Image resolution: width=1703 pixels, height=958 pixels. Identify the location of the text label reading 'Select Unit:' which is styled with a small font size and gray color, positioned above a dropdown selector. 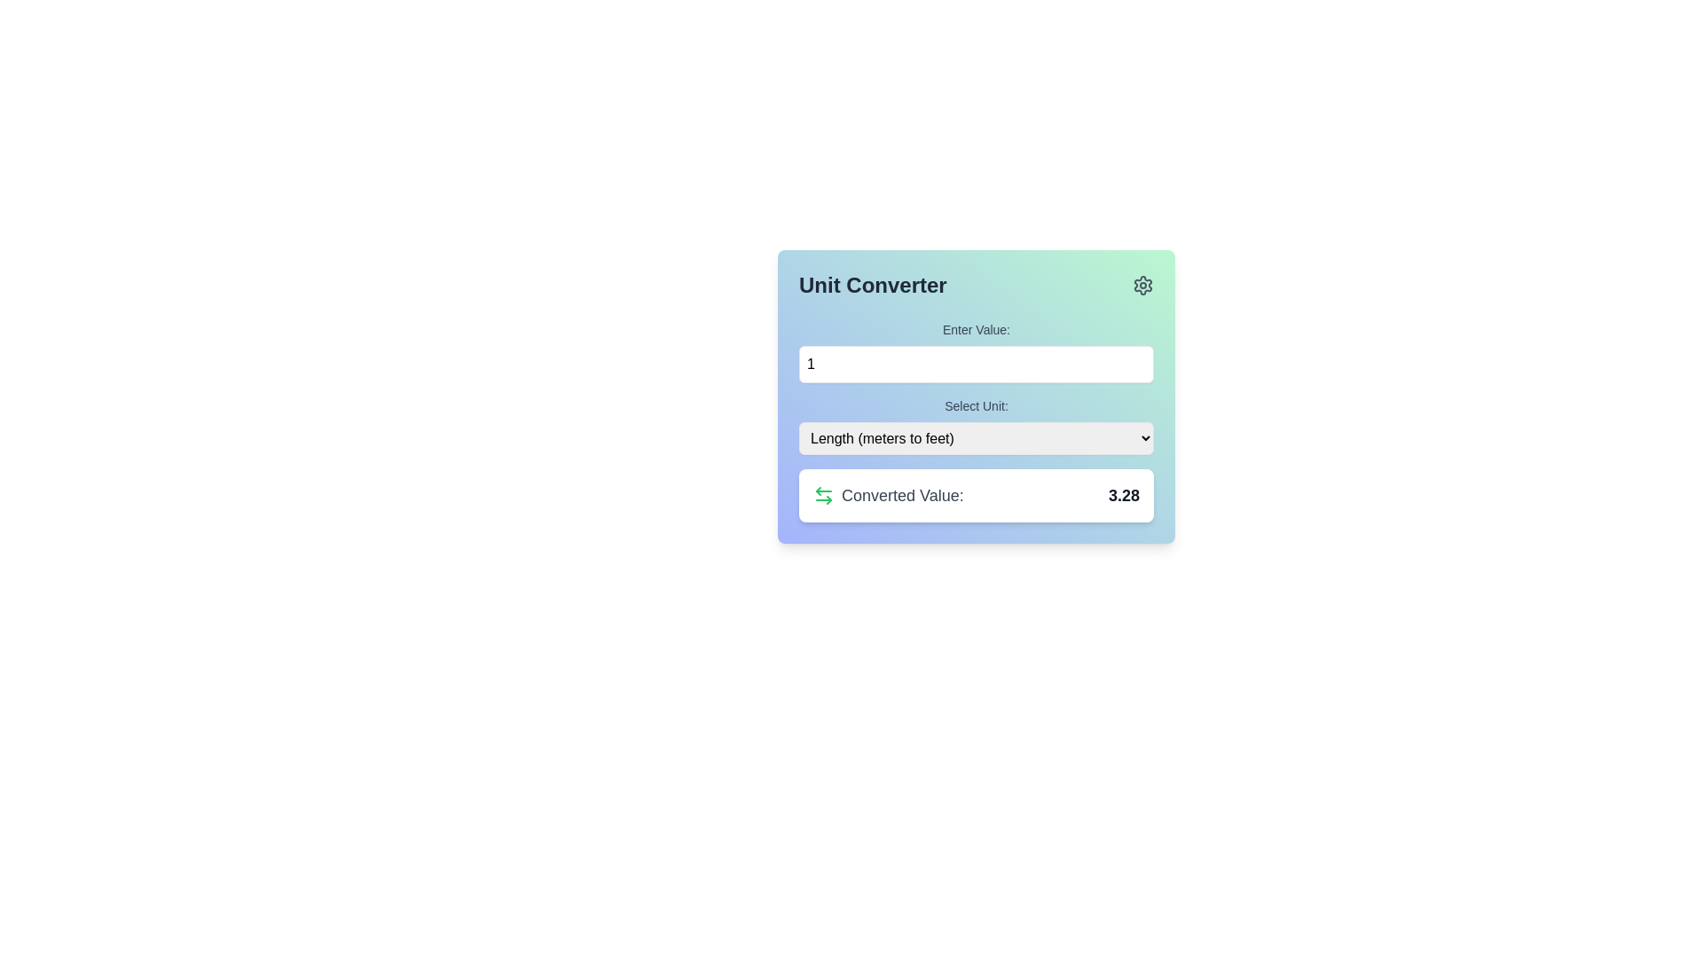
(975, 406).